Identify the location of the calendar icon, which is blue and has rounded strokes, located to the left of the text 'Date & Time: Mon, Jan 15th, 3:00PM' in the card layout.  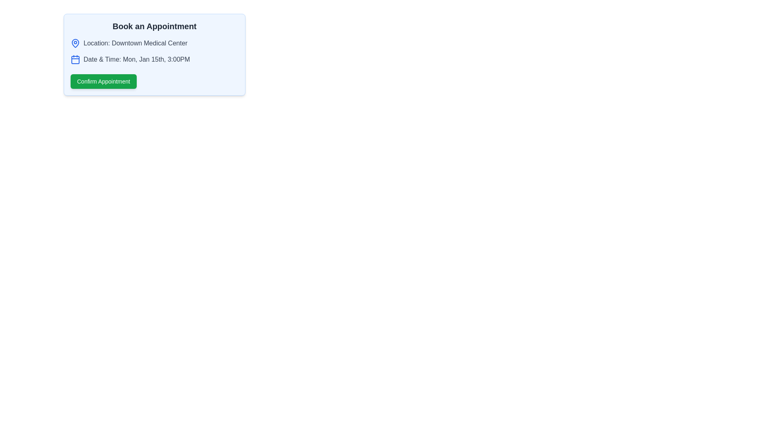
(75, 59).